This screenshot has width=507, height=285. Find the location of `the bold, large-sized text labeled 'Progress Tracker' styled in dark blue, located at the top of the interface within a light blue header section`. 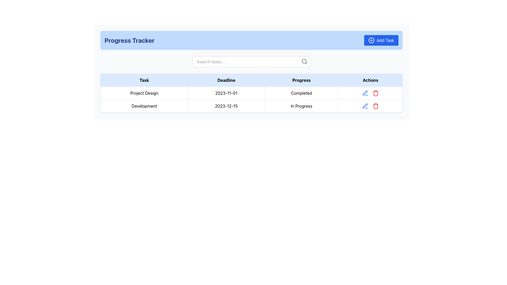

the bold, large-sized text labeled 'Progress Tracker' styled in dark blue, located at the top of the interface within a light blue header section is located at coordinates (129, 40).